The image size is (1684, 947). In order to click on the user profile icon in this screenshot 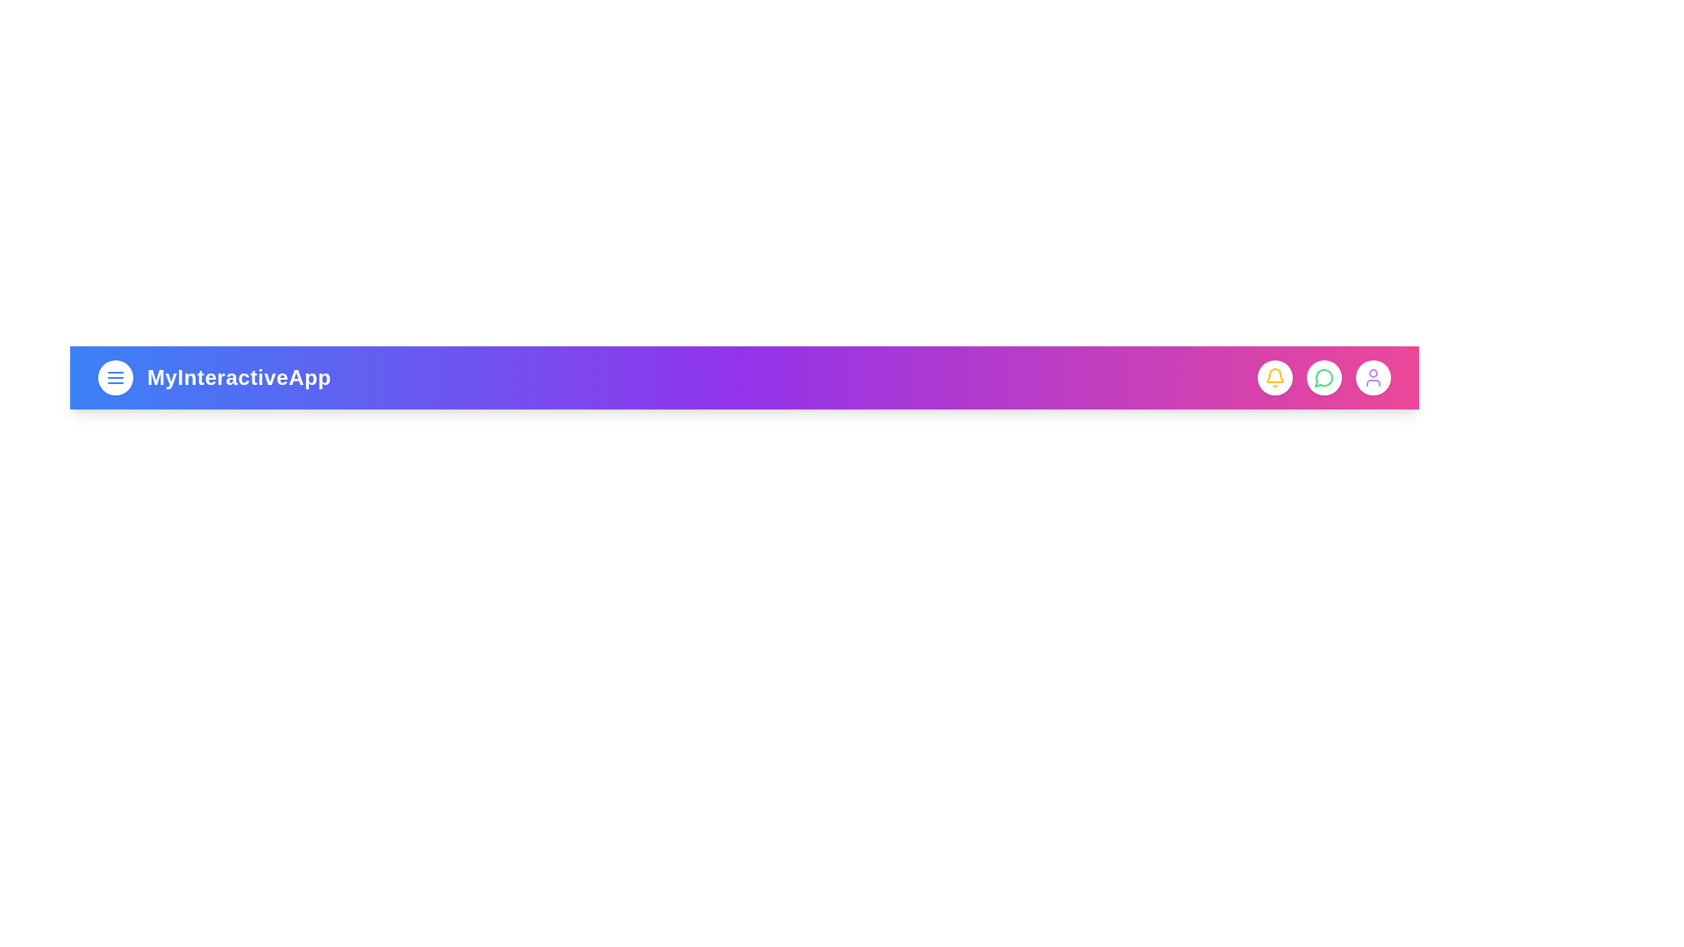, I will do `click(1372, 377)`.